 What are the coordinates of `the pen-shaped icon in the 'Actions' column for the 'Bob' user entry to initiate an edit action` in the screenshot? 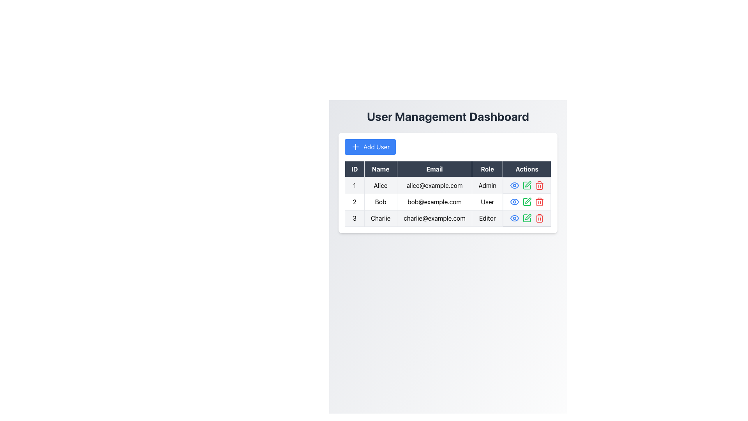 It's located at (528, 184).